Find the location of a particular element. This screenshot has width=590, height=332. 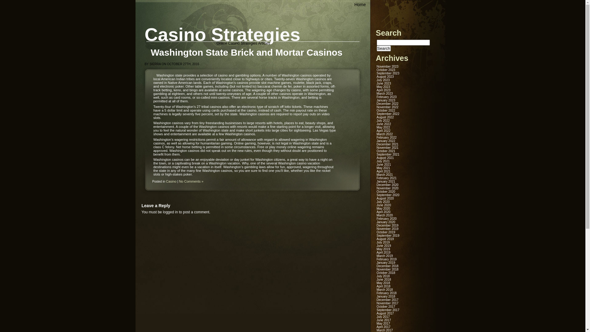

'June 2021' is located at coordinates (376, 164).